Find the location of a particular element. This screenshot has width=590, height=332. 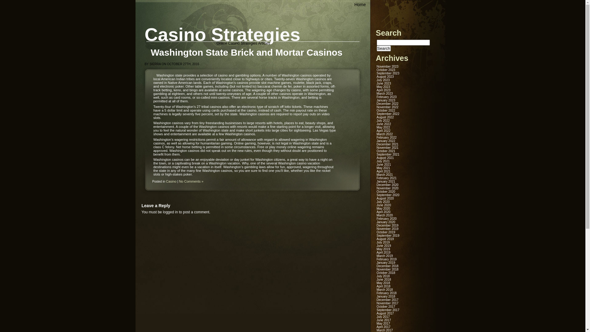

'June 2021' is located at coordinates (376, 164).